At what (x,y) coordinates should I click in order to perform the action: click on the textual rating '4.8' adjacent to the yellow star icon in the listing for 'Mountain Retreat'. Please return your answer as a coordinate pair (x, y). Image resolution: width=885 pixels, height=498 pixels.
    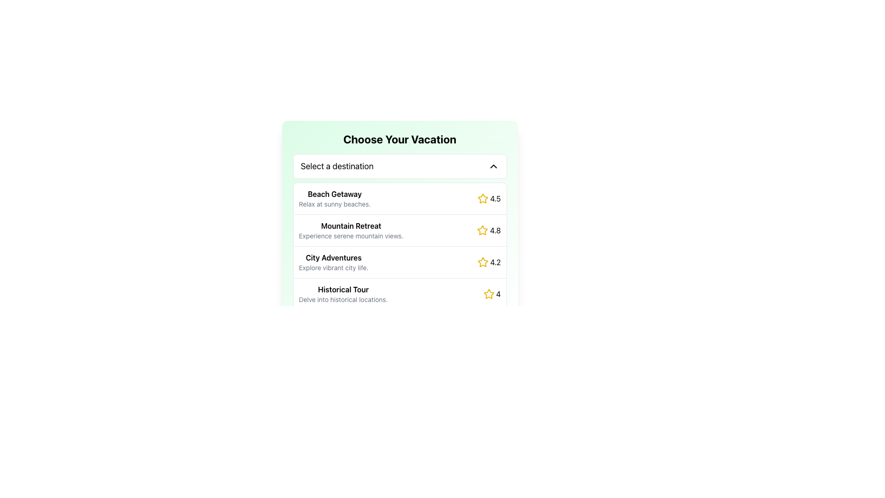
    Looking at the image, I should click on (495, 230).